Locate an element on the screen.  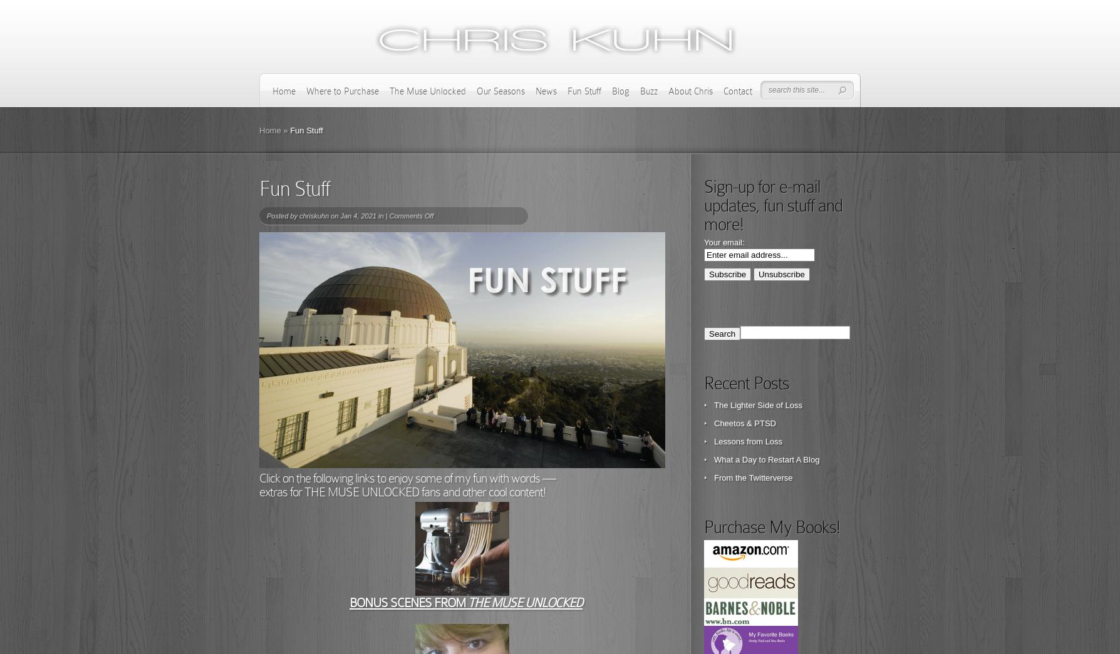
'Lessons from Loss' is located at coordinates (747, 441).